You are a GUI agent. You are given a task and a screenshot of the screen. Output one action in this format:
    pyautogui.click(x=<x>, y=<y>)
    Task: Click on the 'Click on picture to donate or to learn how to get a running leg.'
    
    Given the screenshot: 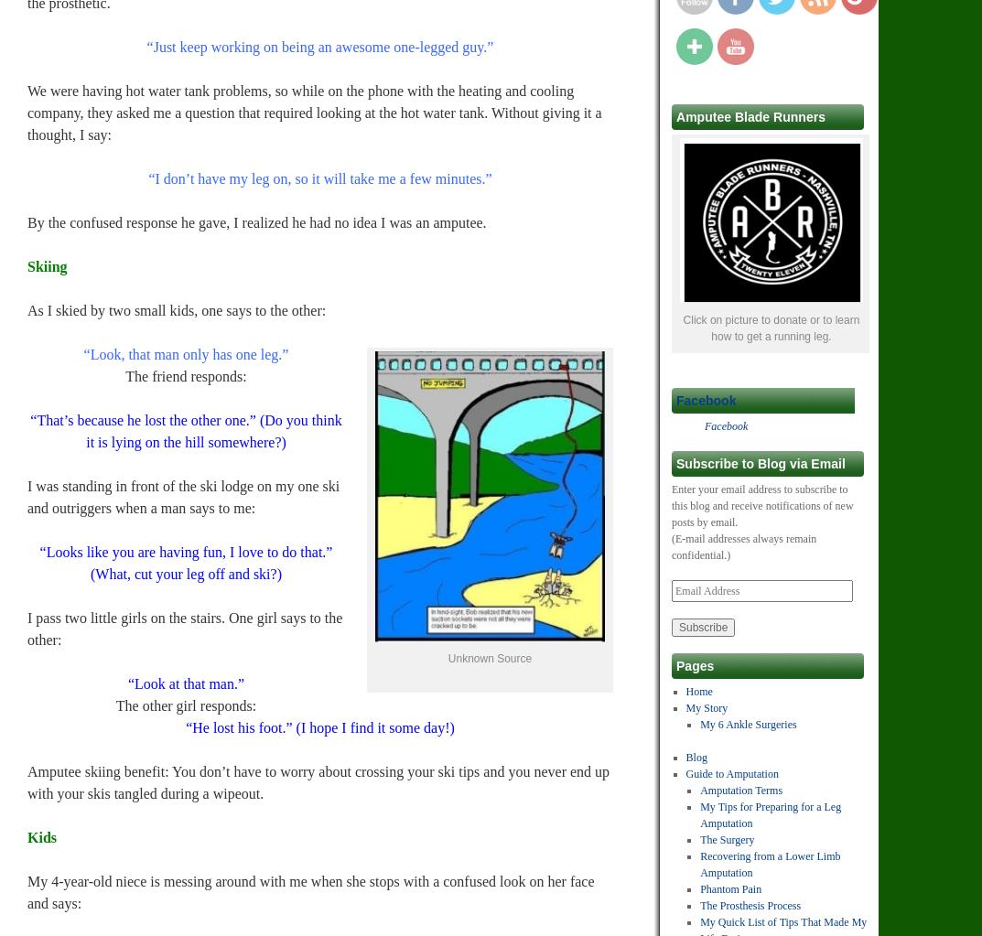 What is the action you would take?
    pyautogui.click(x=770, y=327)
    